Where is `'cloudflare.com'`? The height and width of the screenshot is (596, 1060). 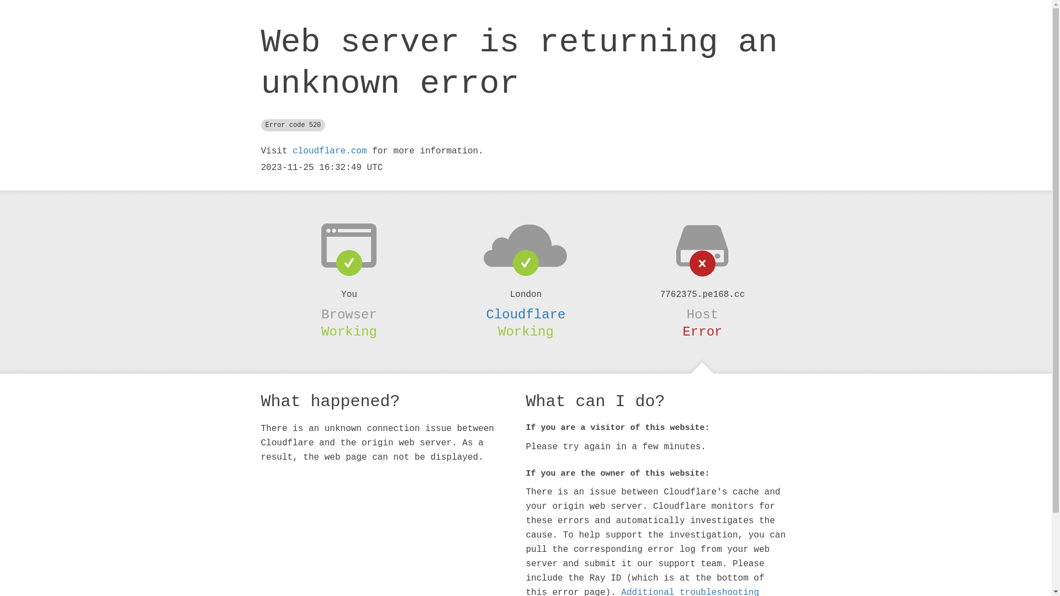 'cloudflare.com' is located at coordinates (292, 151).